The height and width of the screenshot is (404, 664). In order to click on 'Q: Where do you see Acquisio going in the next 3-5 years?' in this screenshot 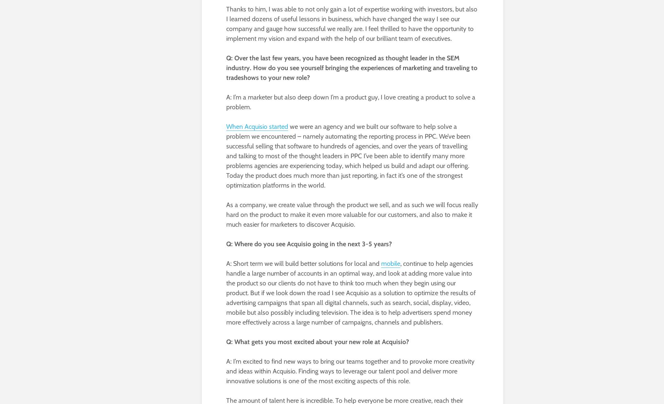, I will do `click(226, 244)`.